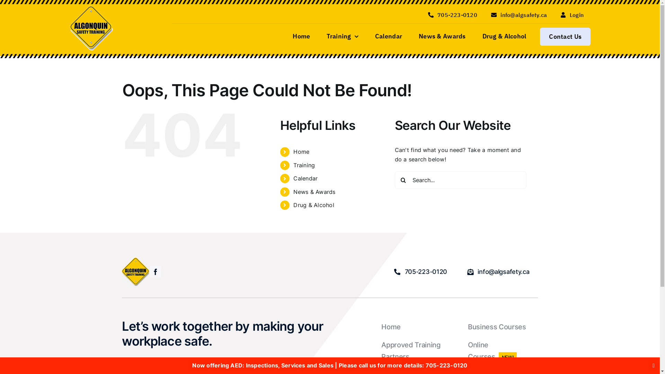 The width and height of the screenshot is (665, 374). I want to click on '705-223-0120', so click(452, 15).